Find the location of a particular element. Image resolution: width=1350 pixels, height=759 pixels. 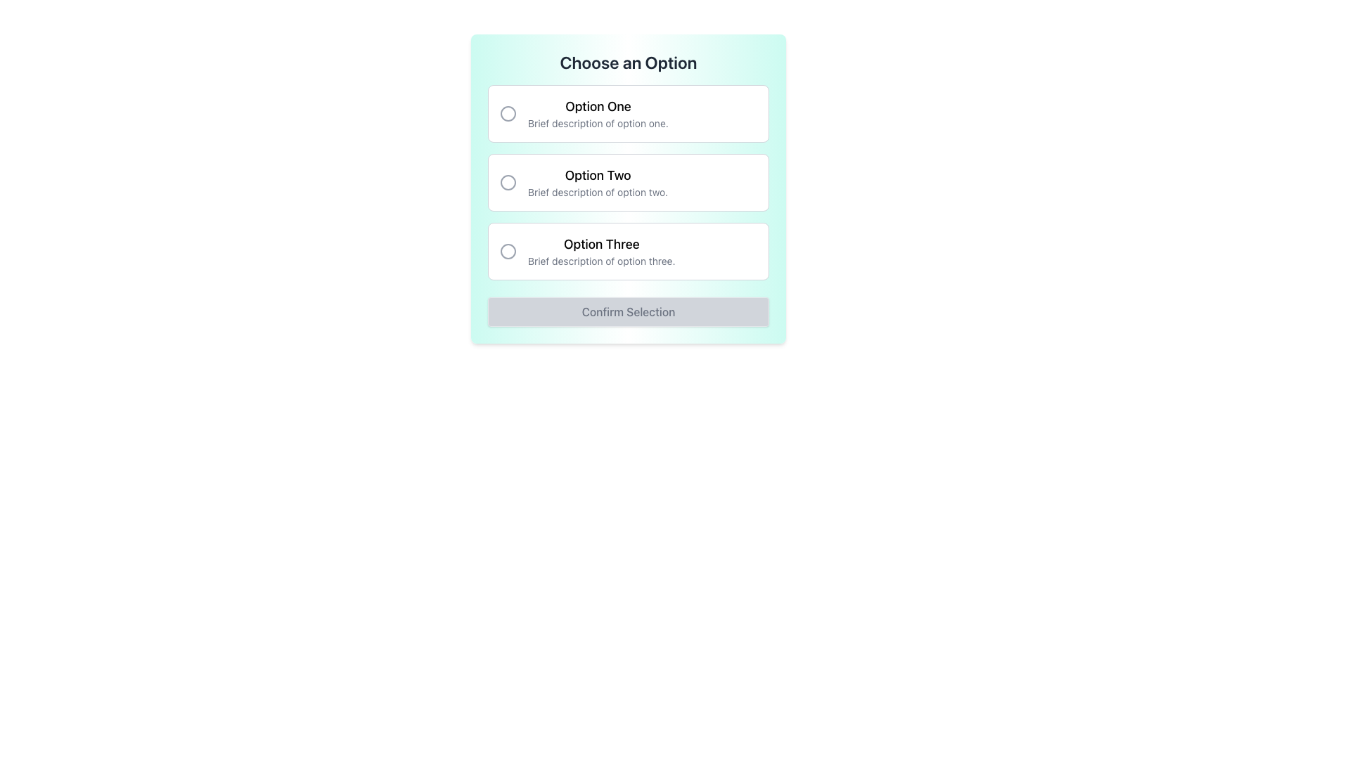

the non-interactive text label located beneath the title 'Option One' in the first option card of the vertical list is located at coordinates (598, 123).